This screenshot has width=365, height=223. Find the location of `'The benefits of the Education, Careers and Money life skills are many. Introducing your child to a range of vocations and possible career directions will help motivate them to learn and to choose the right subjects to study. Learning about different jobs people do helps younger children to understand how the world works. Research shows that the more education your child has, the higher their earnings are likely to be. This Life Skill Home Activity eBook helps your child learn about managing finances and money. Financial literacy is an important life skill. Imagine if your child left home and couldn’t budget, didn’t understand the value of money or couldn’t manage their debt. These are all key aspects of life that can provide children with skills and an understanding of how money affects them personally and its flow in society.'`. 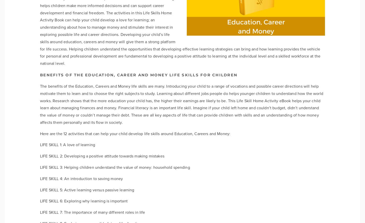

'The benefits of the Education, Careers and Money life skills are many. Introducing your child to a range of vocations and possible career directions will help motivate them to learn and to choose the right subjects to study. Learning about different jobs people do helps younger children to understand how the world works. Research shows that the more education your child has, the higher their earnings are likely to be. This Life Skill Home Activity eBook helps your child learn about managing finances and money. Financial literacy is an important life skill. Imagine if your child left home and couldn’t budget, didn’t understand the value of money or couldn’t manage their debt. These are all key aspects of life that can provide children with skills and an understanding of how money affects them personally and its flow in society.' is located at coordinates (40, 104).